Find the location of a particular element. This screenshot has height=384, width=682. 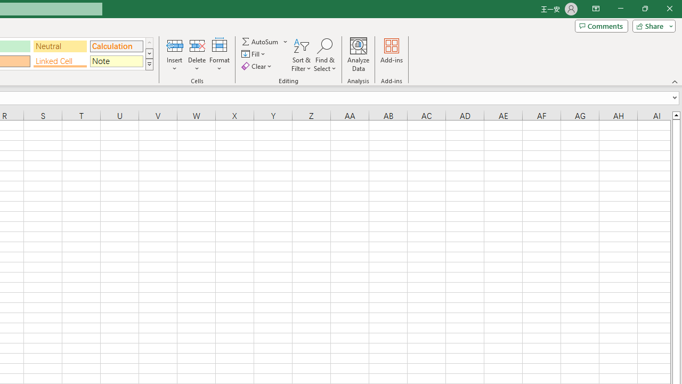

'Delete' is located at coordinates (197, 55).